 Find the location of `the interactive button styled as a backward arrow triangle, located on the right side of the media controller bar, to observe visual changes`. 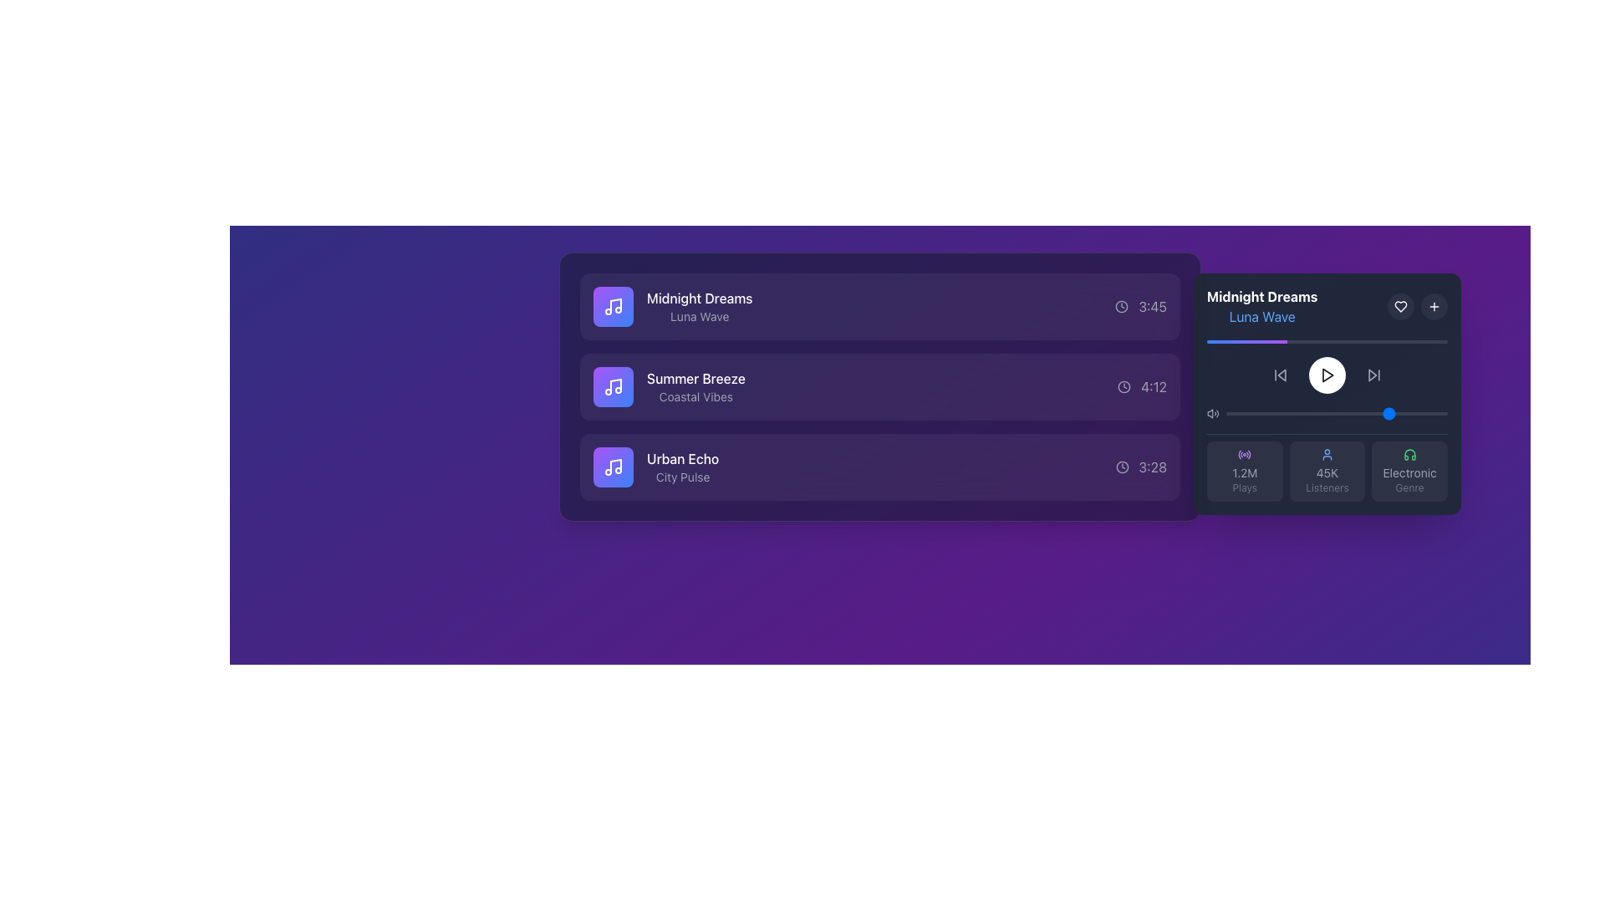

the interactive button styled as a backward arrow triangle, located on the right side of the media controller bar, to observe visual changes is located at coordinates (1279, 374).